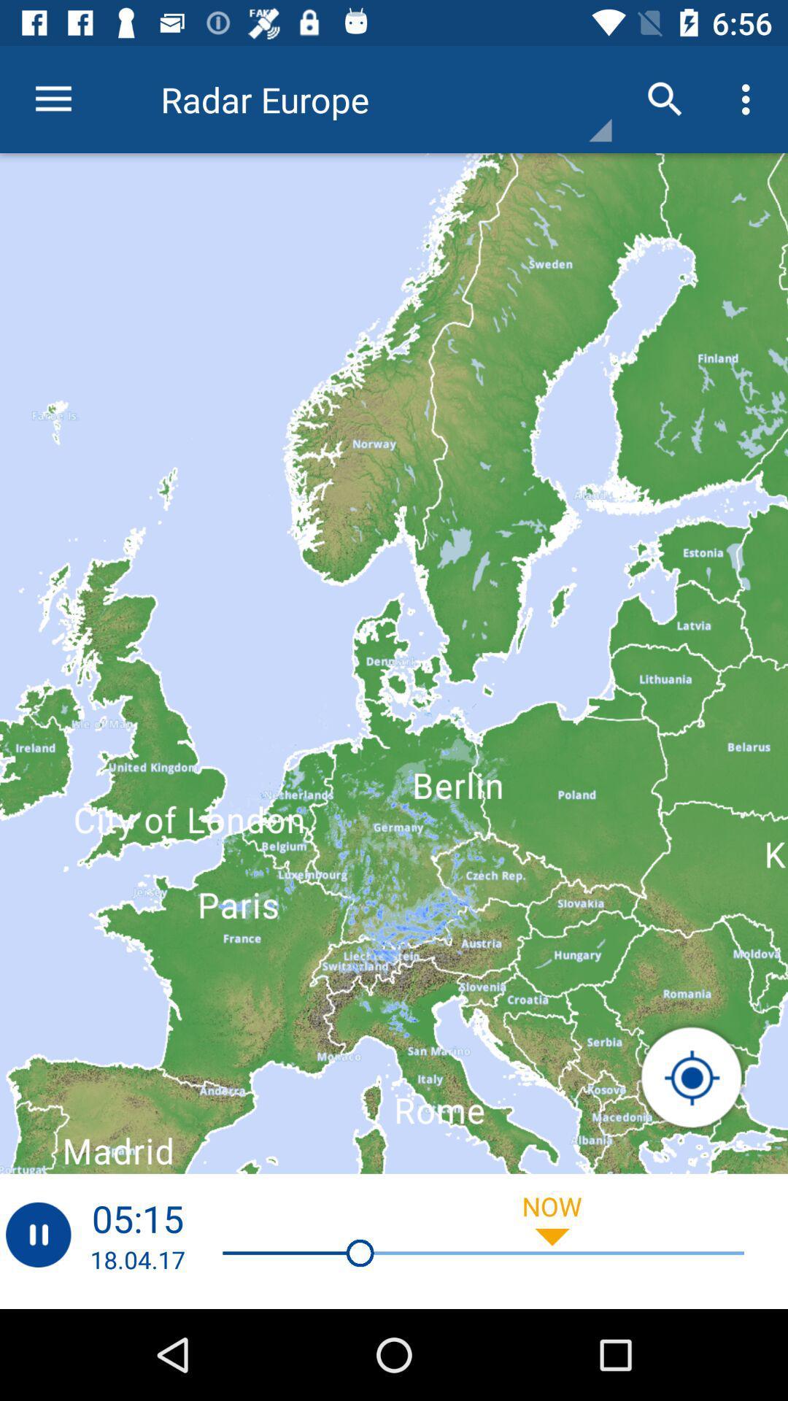  I want to click on the location_crosshair icon, so click(691, 1078).